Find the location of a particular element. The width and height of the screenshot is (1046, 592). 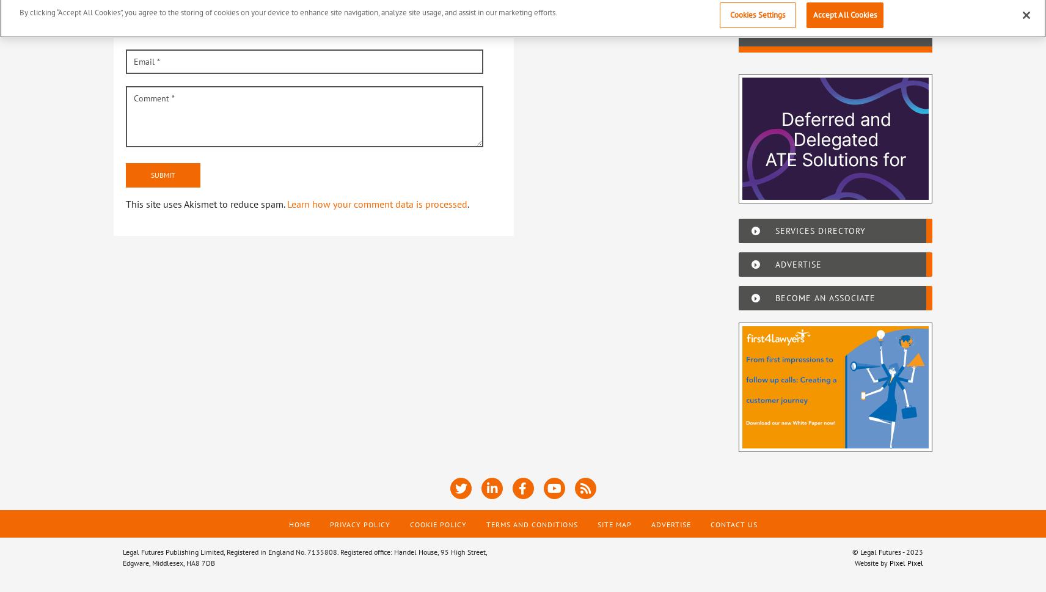

'This site uses Akismet to reduce spam.' is located at coordinates (206, 203).